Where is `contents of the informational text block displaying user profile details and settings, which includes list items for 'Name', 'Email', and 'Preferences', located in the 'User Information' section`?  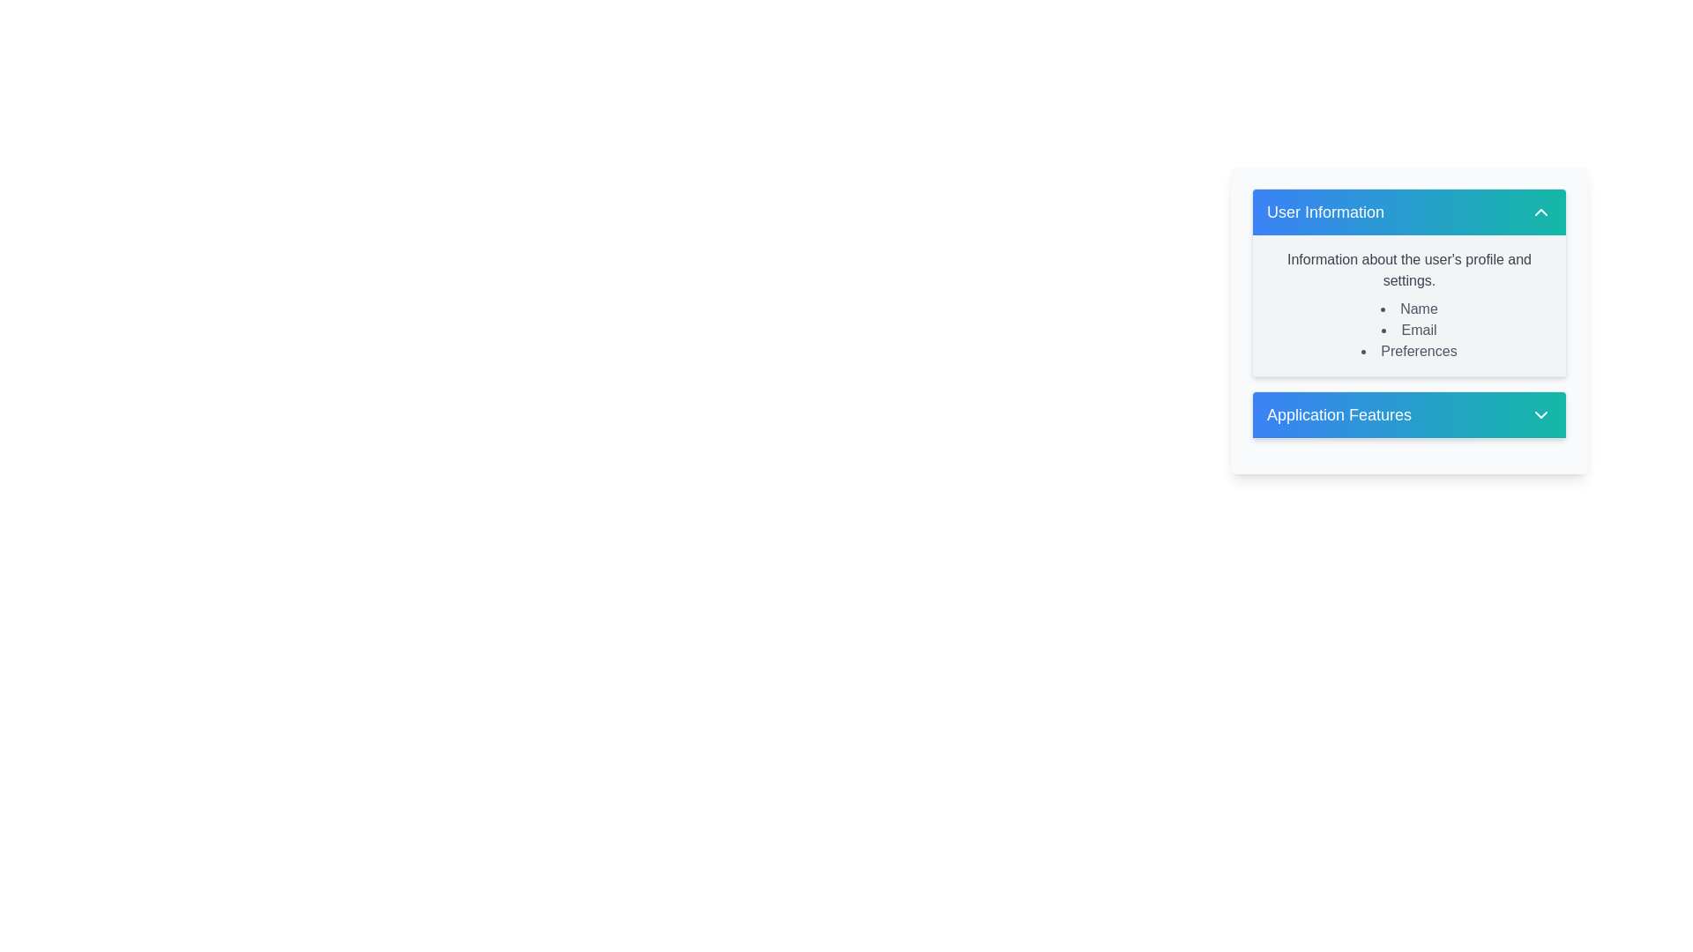 contents of the informational text block displaying user profile details and settings, which includes list items for 'Name', 'Email', and 'Preferences', located in the 'User Information' section is located at coordinates (1408, 320).